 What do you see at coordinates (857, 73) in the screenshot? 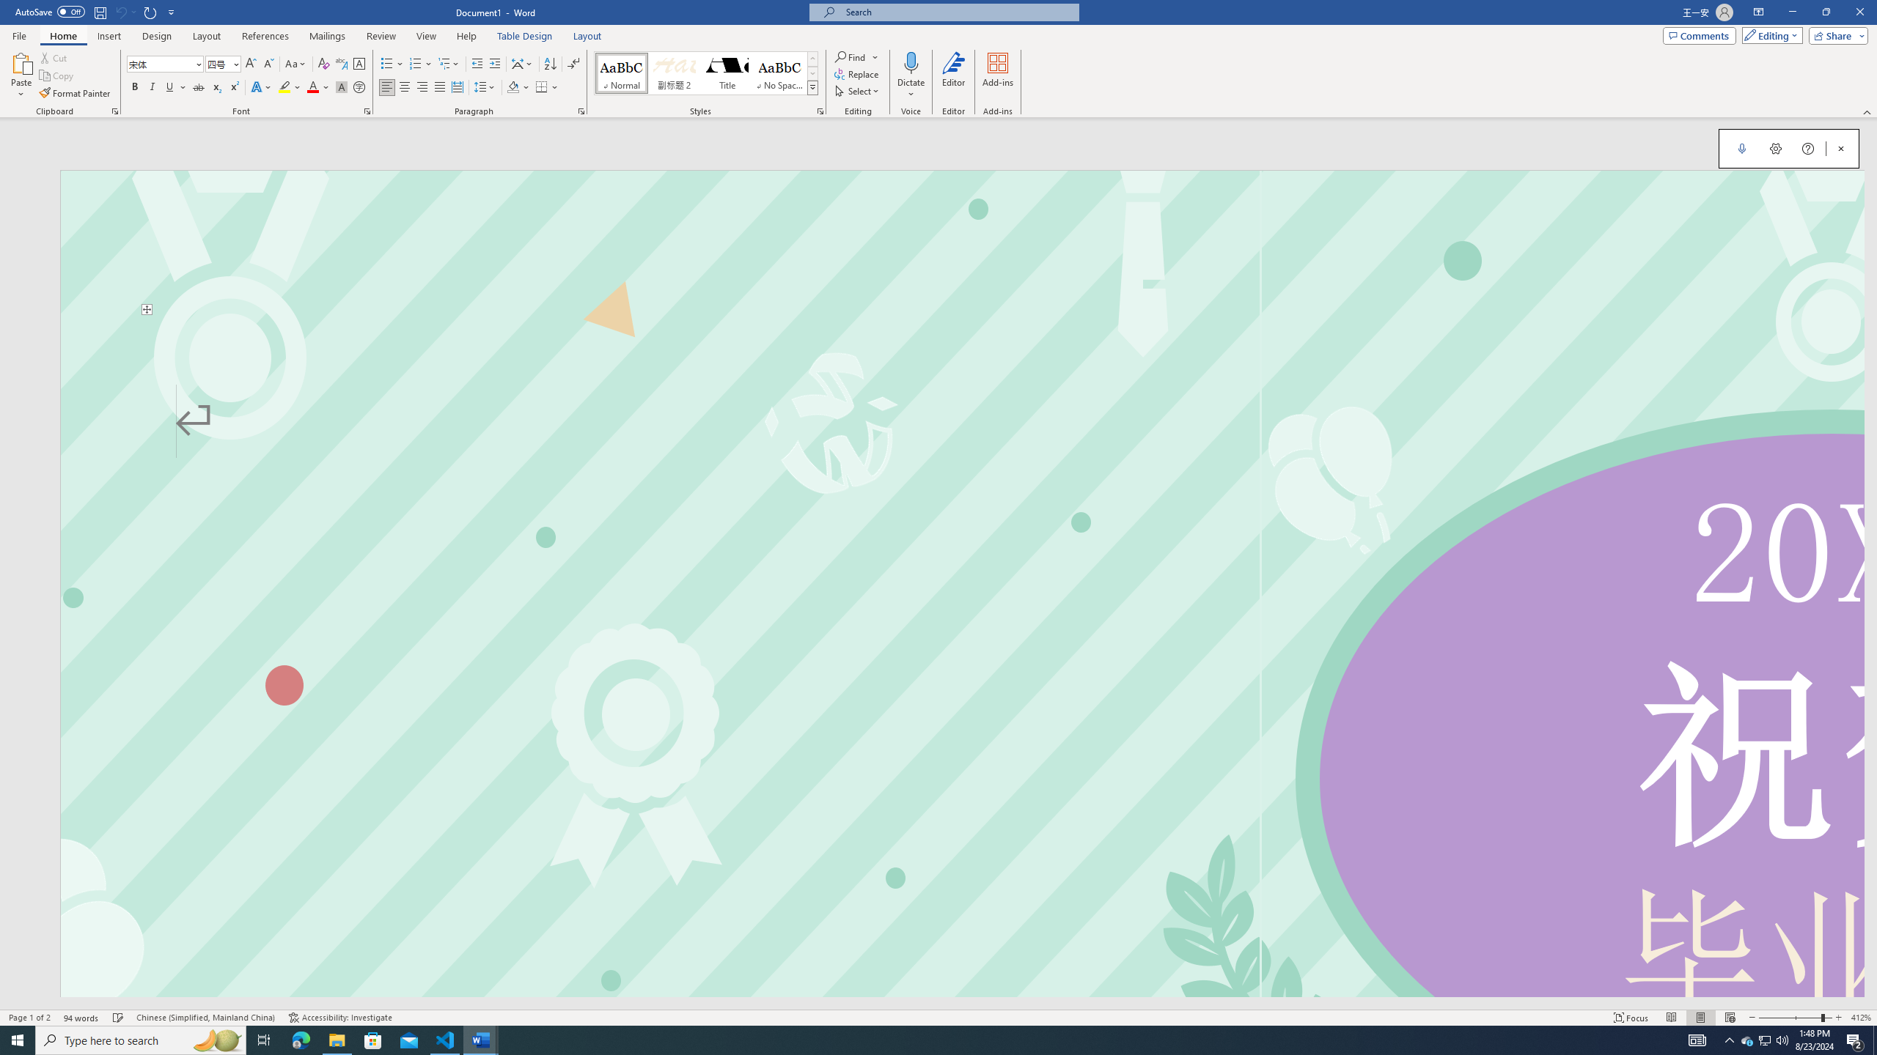
I see `'Replace...'` at bounding box center [857, 73].